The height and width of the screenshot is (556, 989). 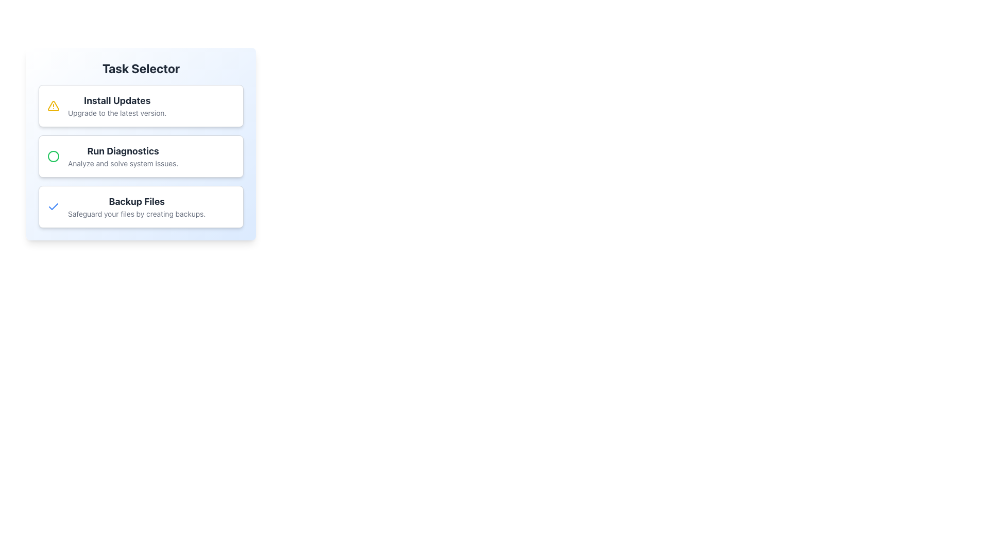 What do you see at coordinates (123, 163) in the screenshot?
I see `the descriptive text label located below the 'Run Diagnostics' heading in the second card of the 'Run Diagnostics' section` at bounding box center [123, 163].